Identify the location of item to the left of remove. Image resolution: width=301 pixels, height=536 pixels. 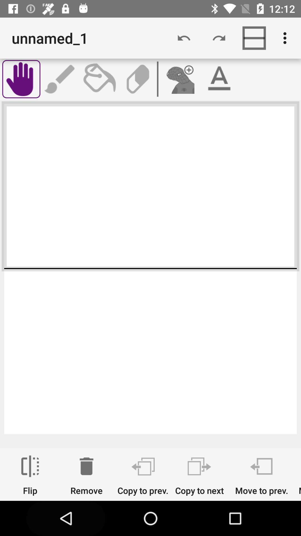
(30, 475).